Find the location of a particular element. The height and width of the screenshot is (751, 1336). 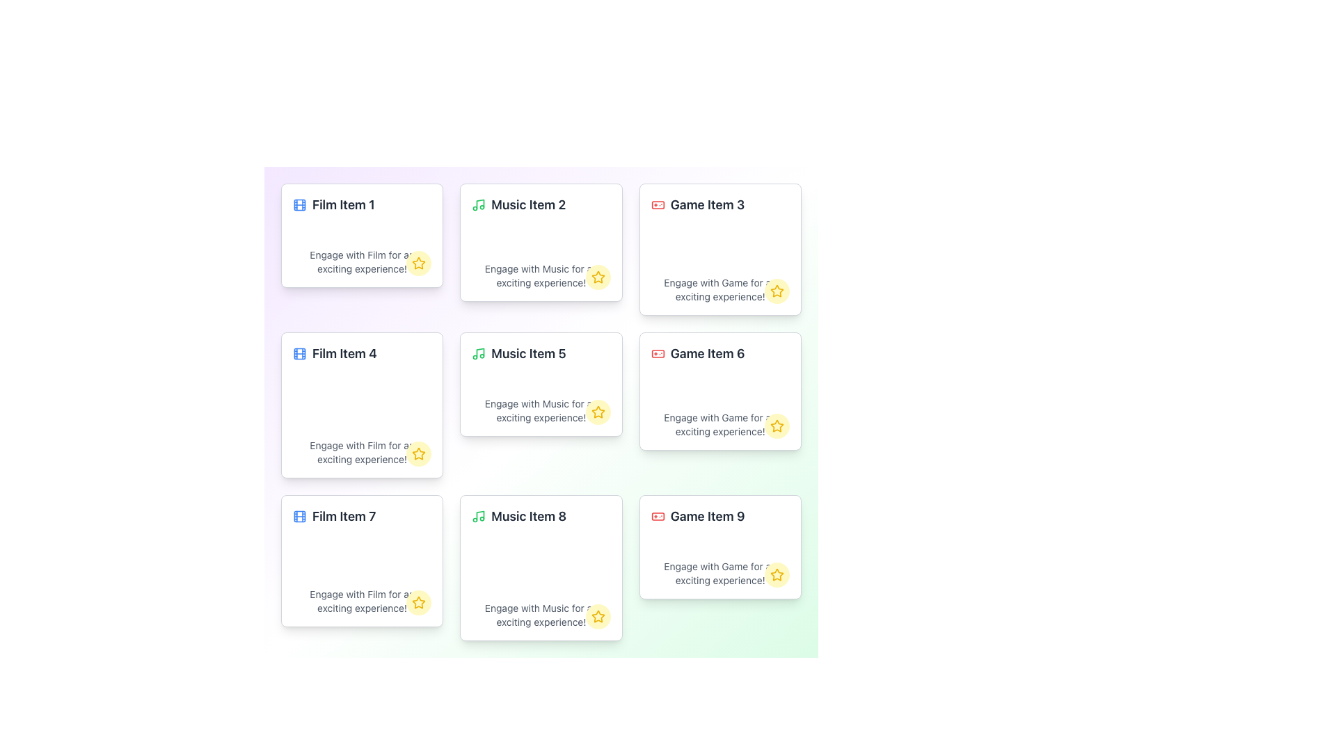

the descriptive text located within the card labeled 'Music Item 8', positioned at the bottom of the card, which provides engaging information about the item is located at coordinates (540, 614).